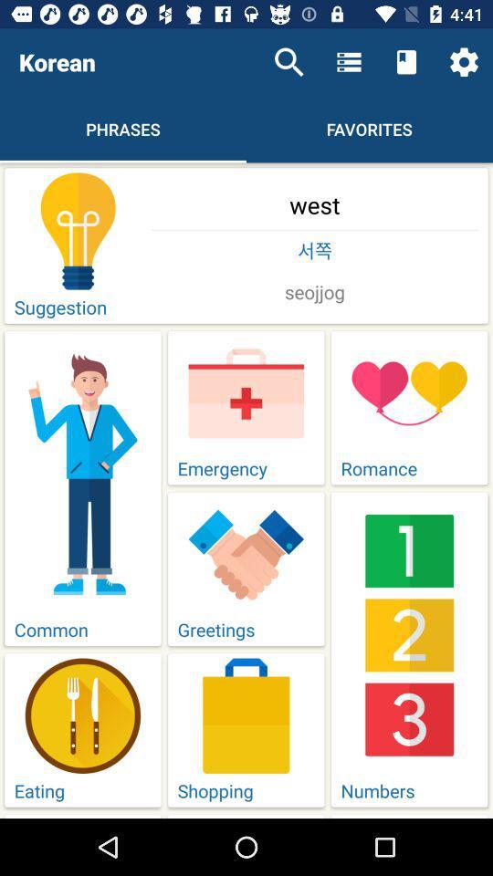 The image size is (493, 876). I want to click on icon to the right of korean item, so click(288, 62).